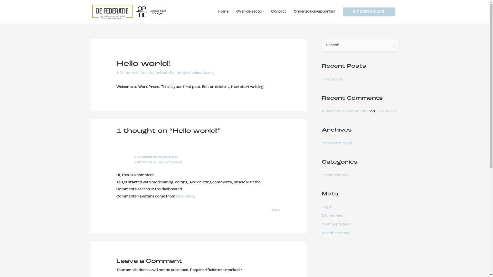 This screenshot has height=277, width=493. I want to click on 'Search', so click(393, 44).